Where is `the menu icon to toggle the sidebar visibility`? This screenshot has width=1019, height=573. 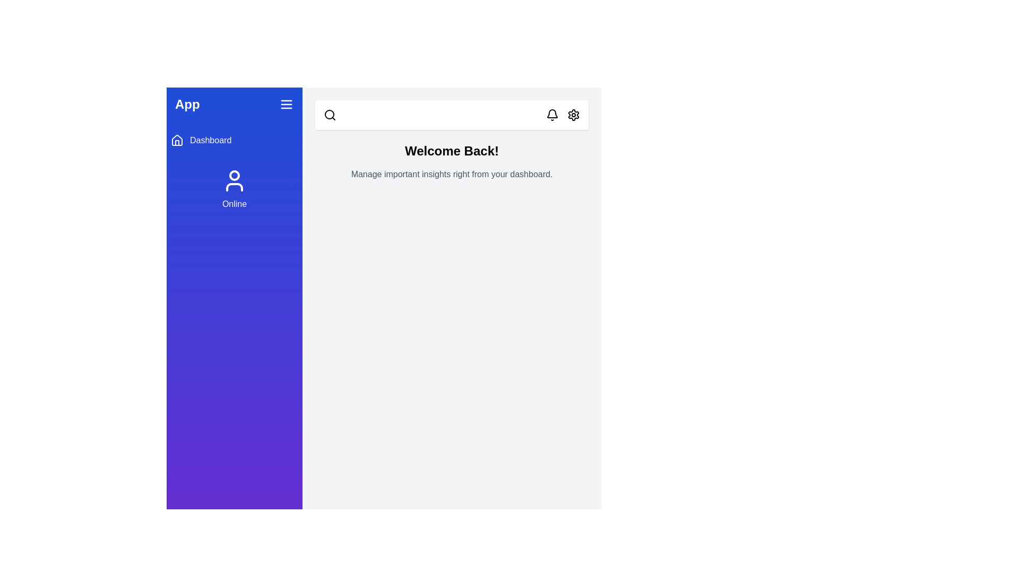 the menu icon to toggle the sidebar visibility is located at coordinates (286, 104).